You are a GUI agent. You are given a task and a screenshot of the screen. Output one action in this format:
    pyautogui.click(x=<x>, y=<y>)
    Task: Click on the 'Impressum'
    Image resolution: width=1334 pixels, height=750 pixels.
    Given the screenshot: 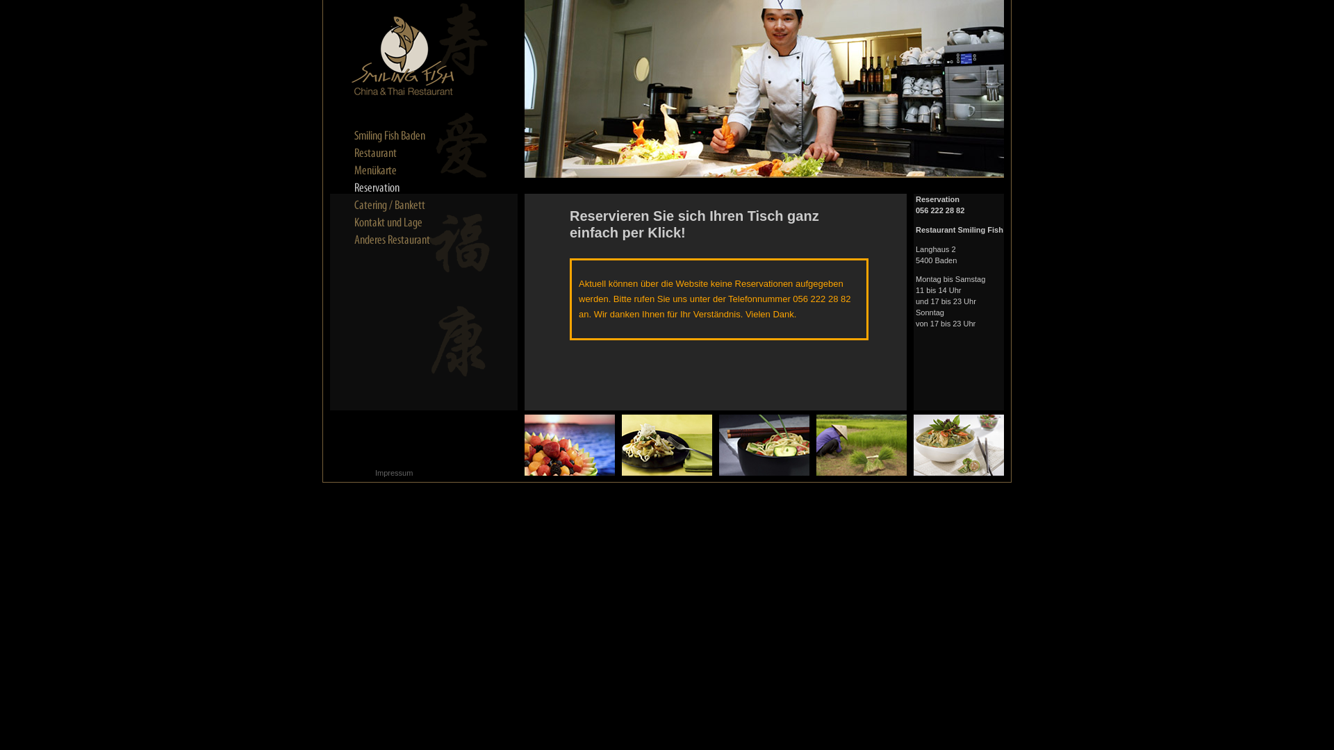 What is the action you would take?
    pyautogui.click(x=374, y=472)
    